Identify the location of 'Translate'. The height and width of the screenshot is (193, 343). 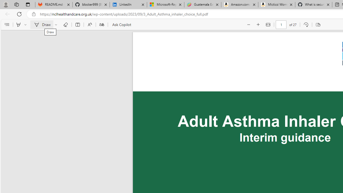
(102, 25).